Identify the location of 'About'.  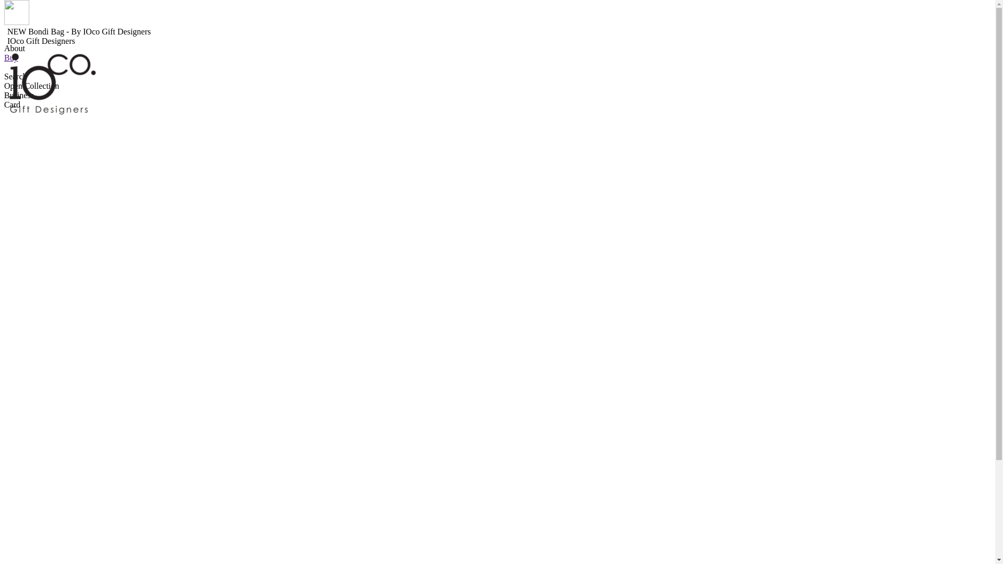
(15, 48).